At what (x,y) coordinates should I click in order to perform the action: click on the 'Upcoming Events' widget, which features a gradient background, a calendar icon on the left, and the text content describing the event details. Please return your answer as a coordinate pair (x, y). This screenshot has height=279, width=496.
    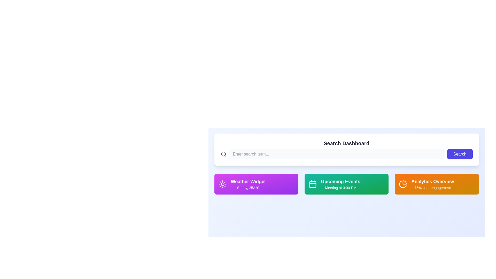
    Looking at the image, I should click on (346, 184).